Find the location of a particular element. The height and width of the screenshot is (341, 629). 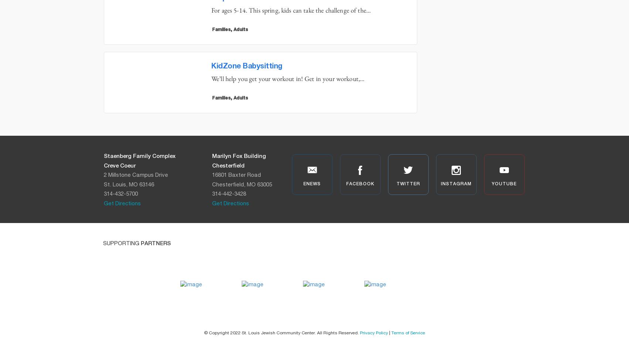

'Chesterfield' is located at coordinates (228, 165).